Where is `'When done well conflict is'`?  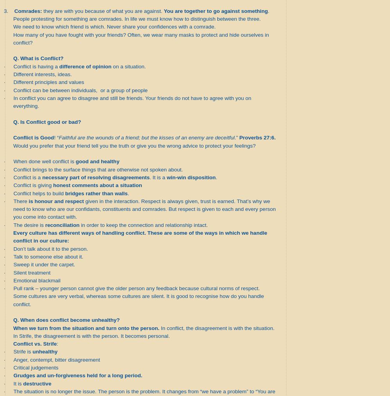
'When done well conflict is' is located at coordinates (44, 161).